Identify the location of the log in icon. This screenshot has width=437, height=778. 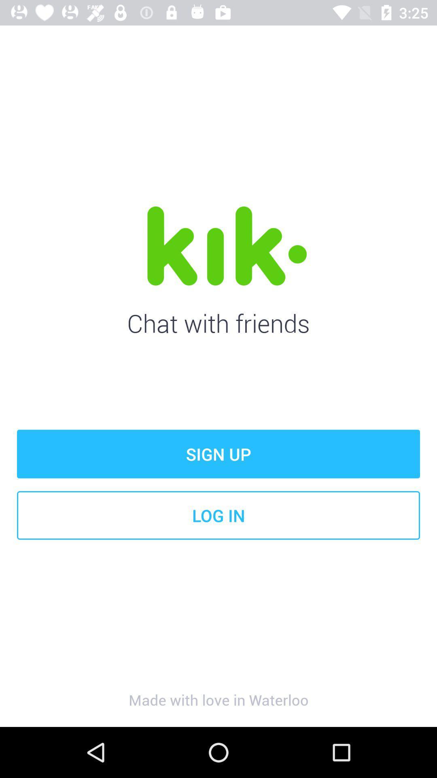
(218, 515).